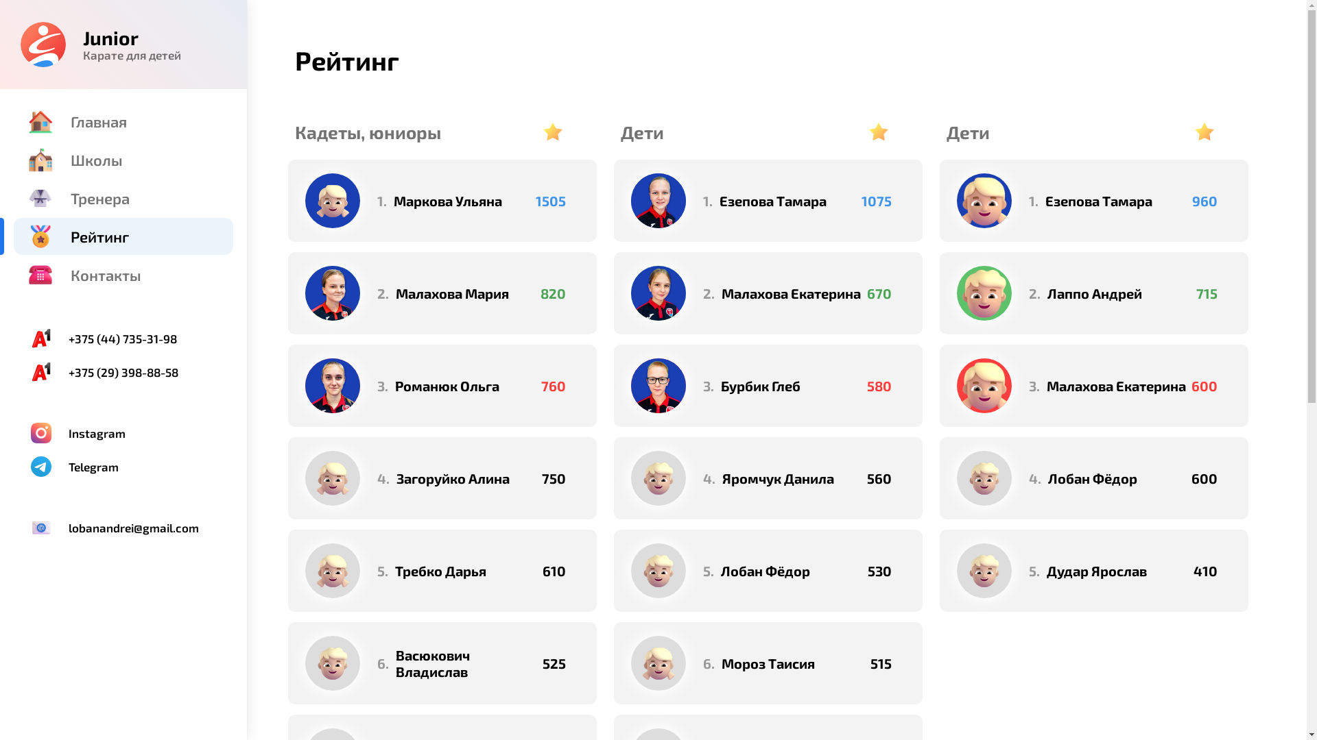 This screenshot has width=1317, height=740. Describe the element at coordinates (123, 433) in the screenshot. I see `'Instagram'` at that location.